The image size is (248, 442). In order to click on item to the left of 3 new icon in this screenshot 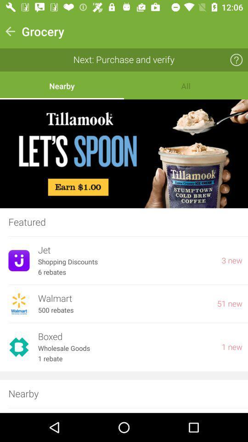, I will do `click(125, 262)`.